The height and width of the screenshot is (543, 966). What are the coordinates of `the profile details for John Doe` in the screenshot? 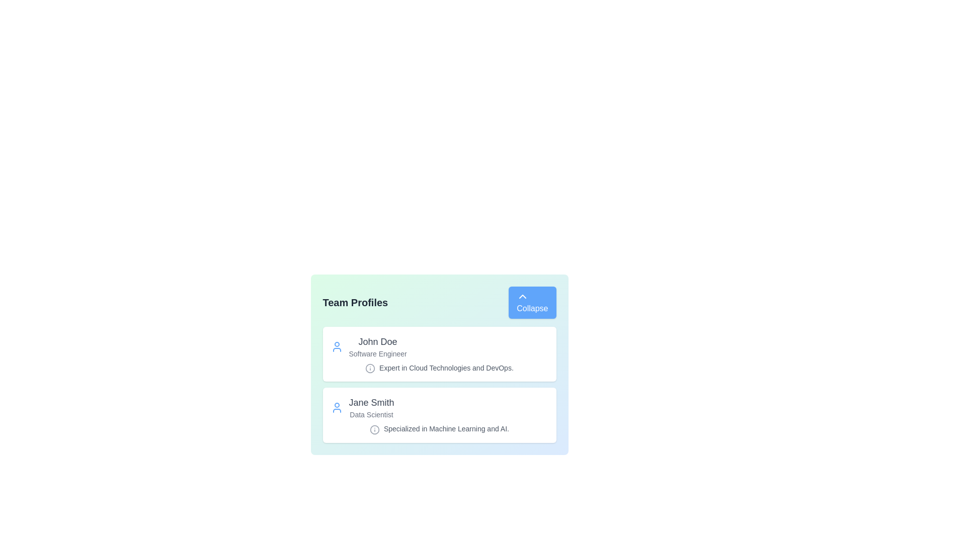 It's located at (439, 353).